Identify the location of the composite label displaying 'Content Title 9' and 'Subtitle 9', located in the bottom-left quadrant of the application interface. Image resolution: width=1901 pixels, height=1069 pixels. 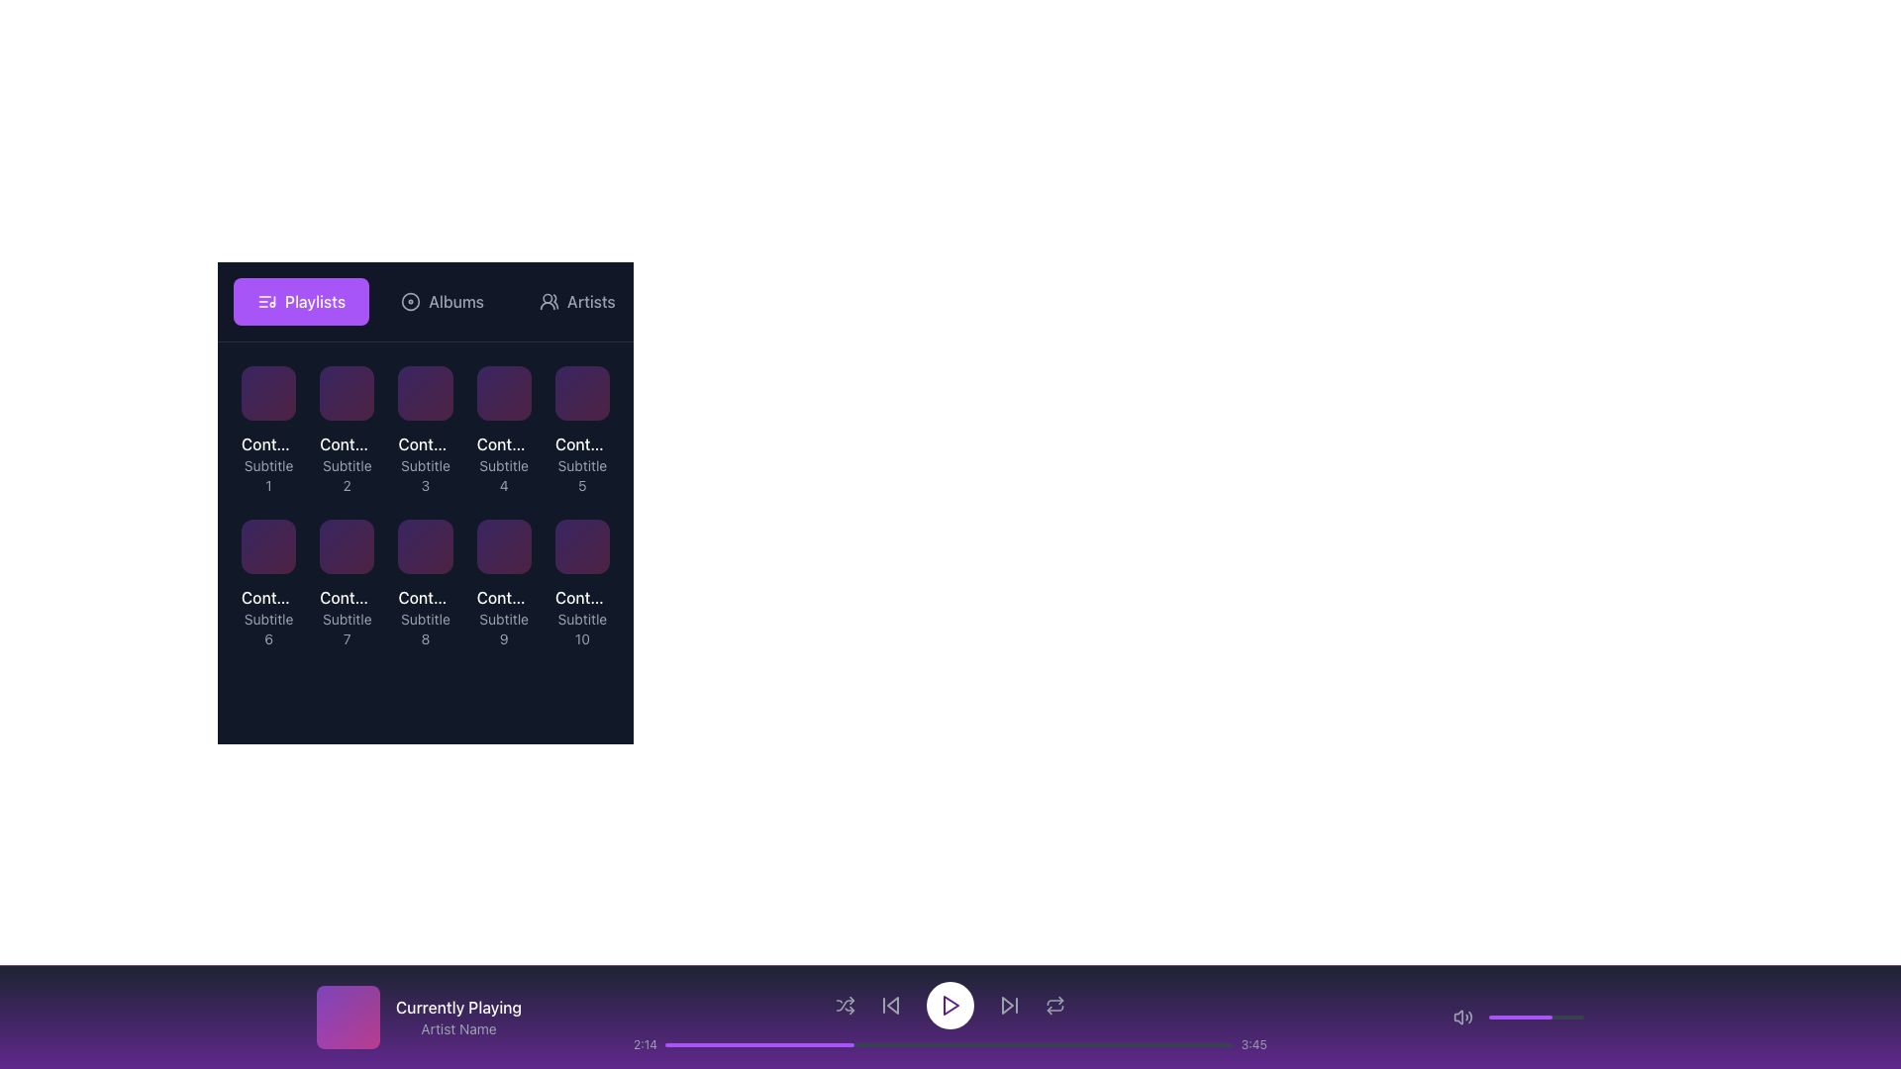
(504, 617).